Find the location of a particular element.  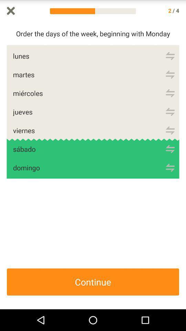

choose friday is located at coordinates (170, 130).